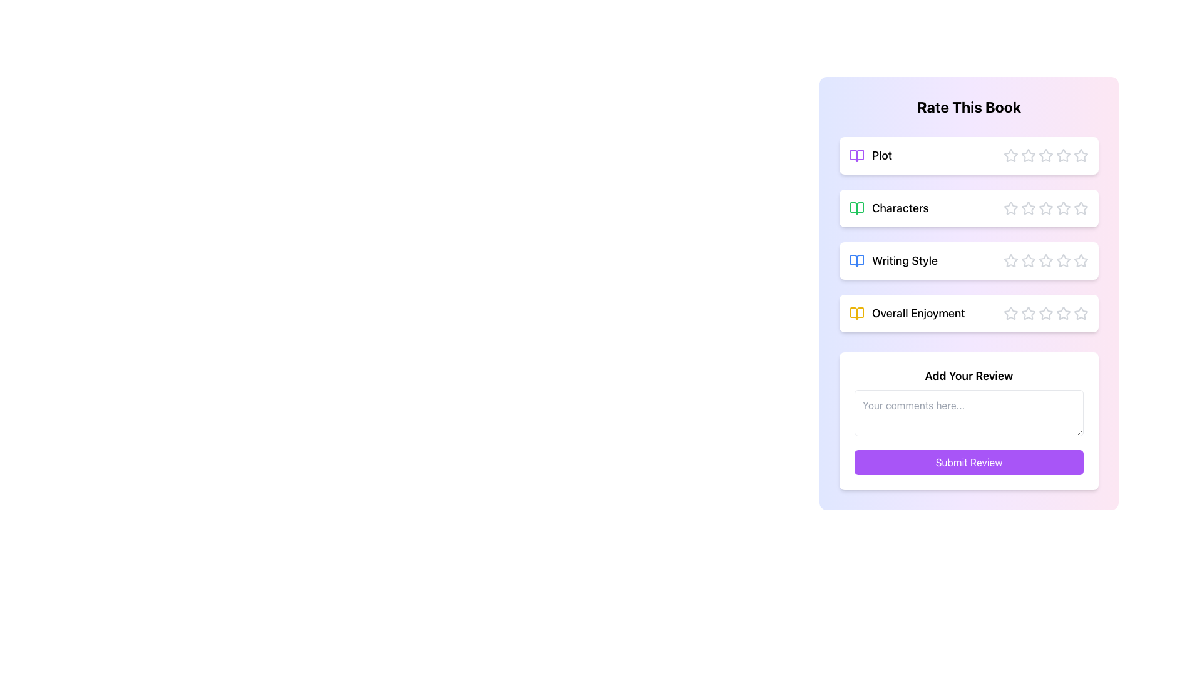  Describe the element at coordinates (1028, 155) in the screenshot. I see `the second star` at that location.